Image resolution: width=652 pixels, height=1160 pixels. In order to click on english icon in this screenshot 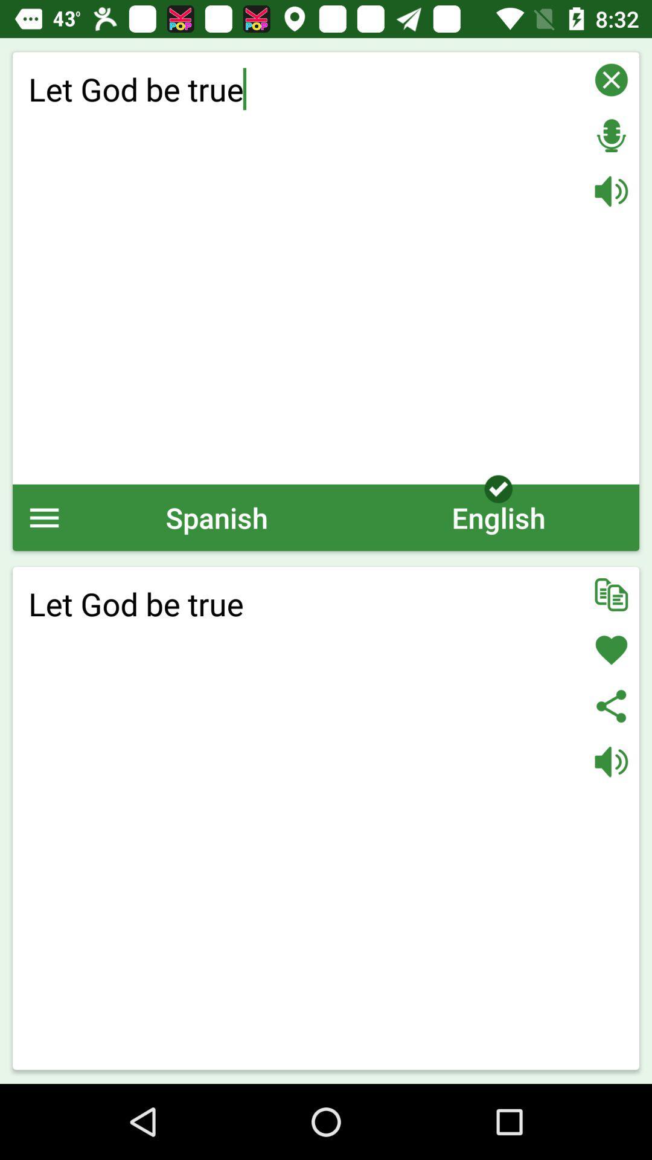, I will do `click(498, 517)`.